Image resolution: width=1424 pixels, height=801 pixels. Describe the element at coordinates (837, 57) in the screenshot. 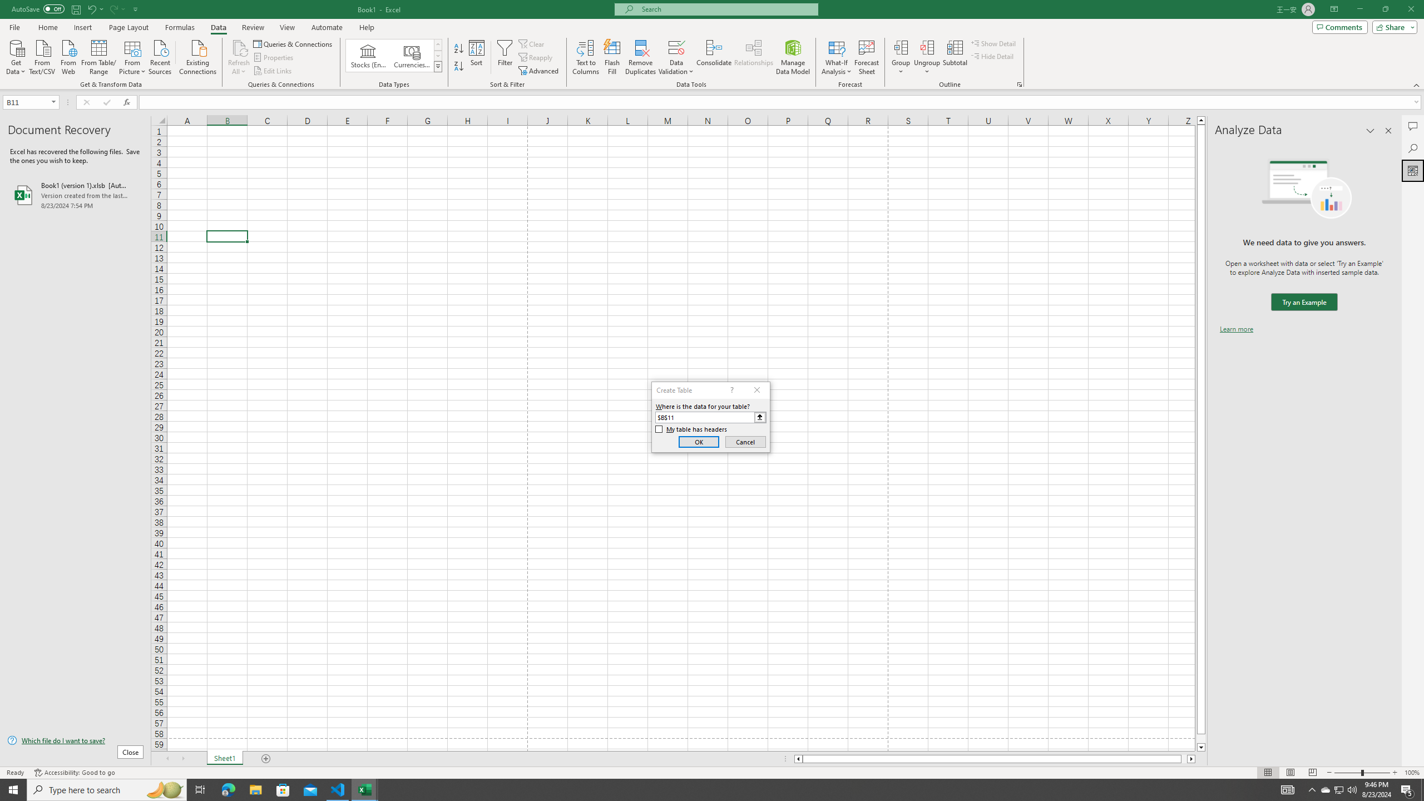

I see `'What-If Analysis'` at that location.